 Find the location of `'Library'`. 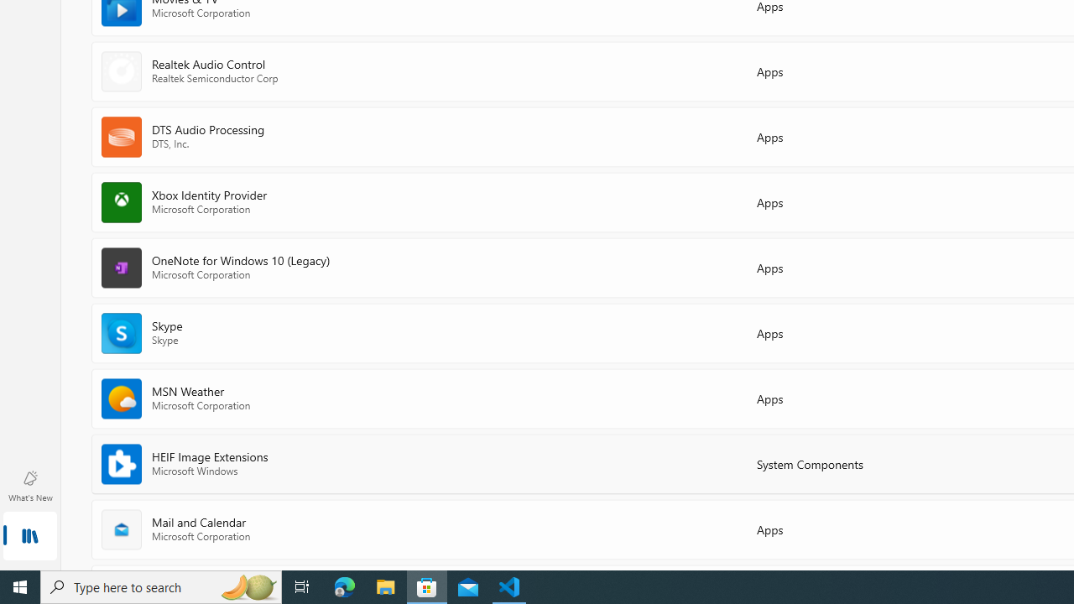

'Library' is located at coordinates (29, 537).